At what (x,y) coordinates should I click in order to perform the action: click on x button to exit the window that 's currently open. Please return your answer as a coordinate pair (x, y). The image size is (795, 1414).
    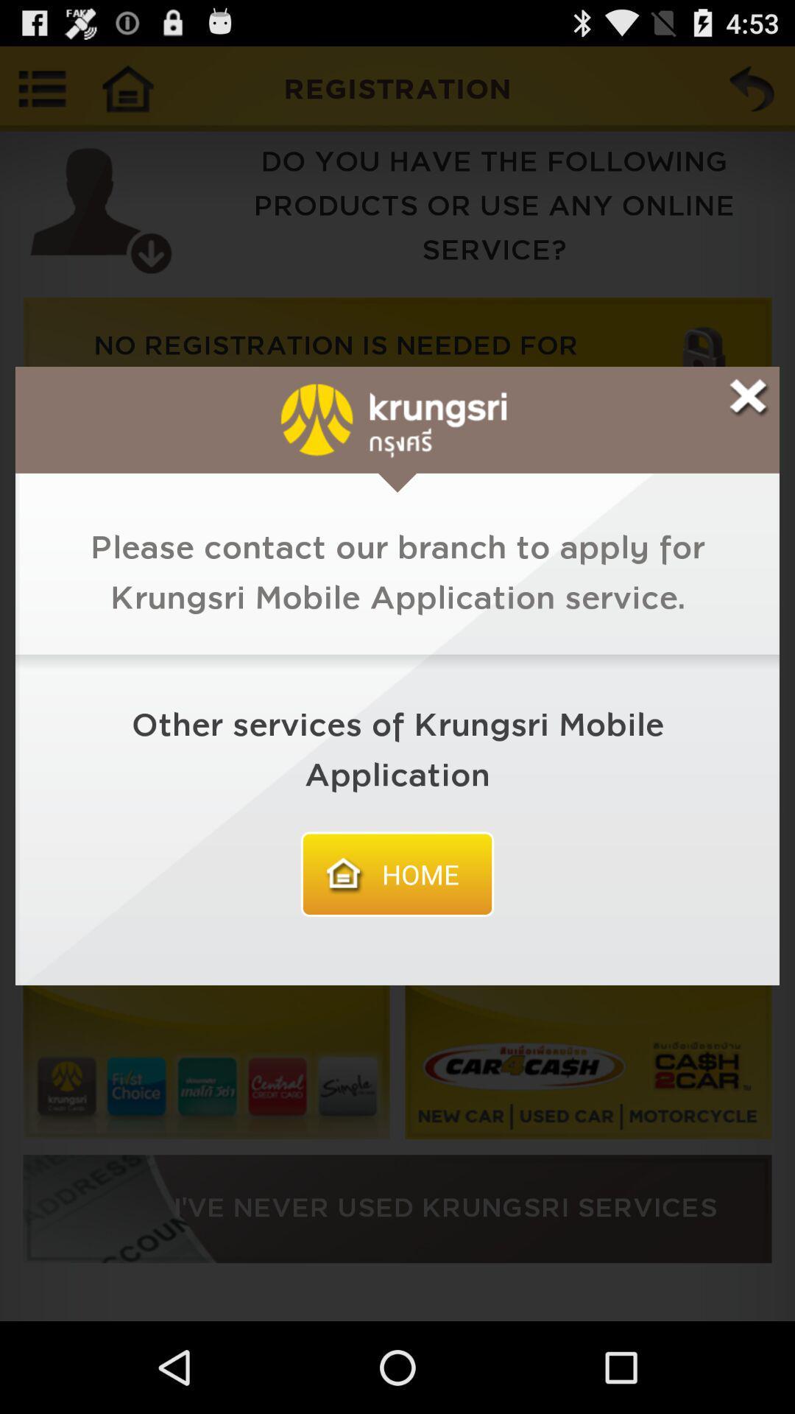
    Looking at the image, I should click on (749, 397).